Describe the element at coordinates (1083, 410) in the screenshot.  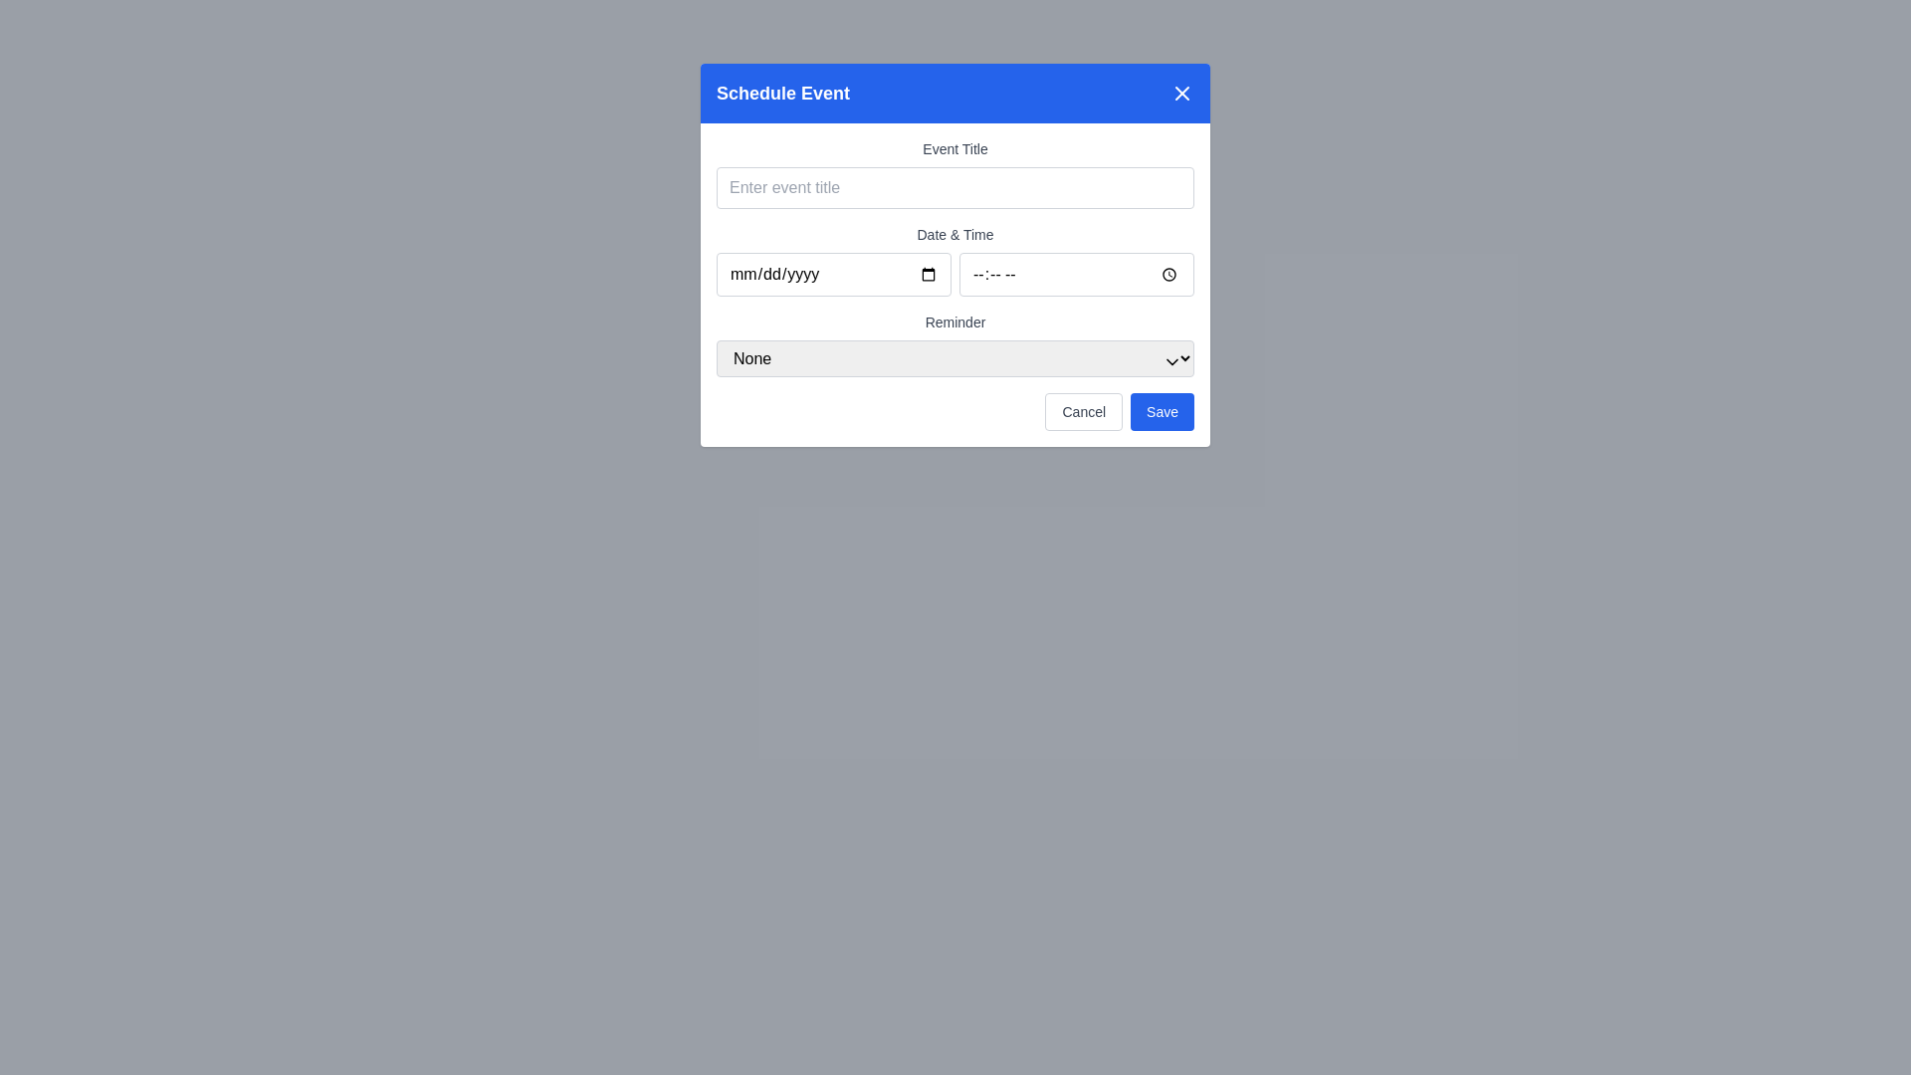
I see `the 'Cancel' button, which is a rectangular button with gray text on a white background, located to the left of the 'Save' button at the bottom-right corner of the dialog box` at that location.